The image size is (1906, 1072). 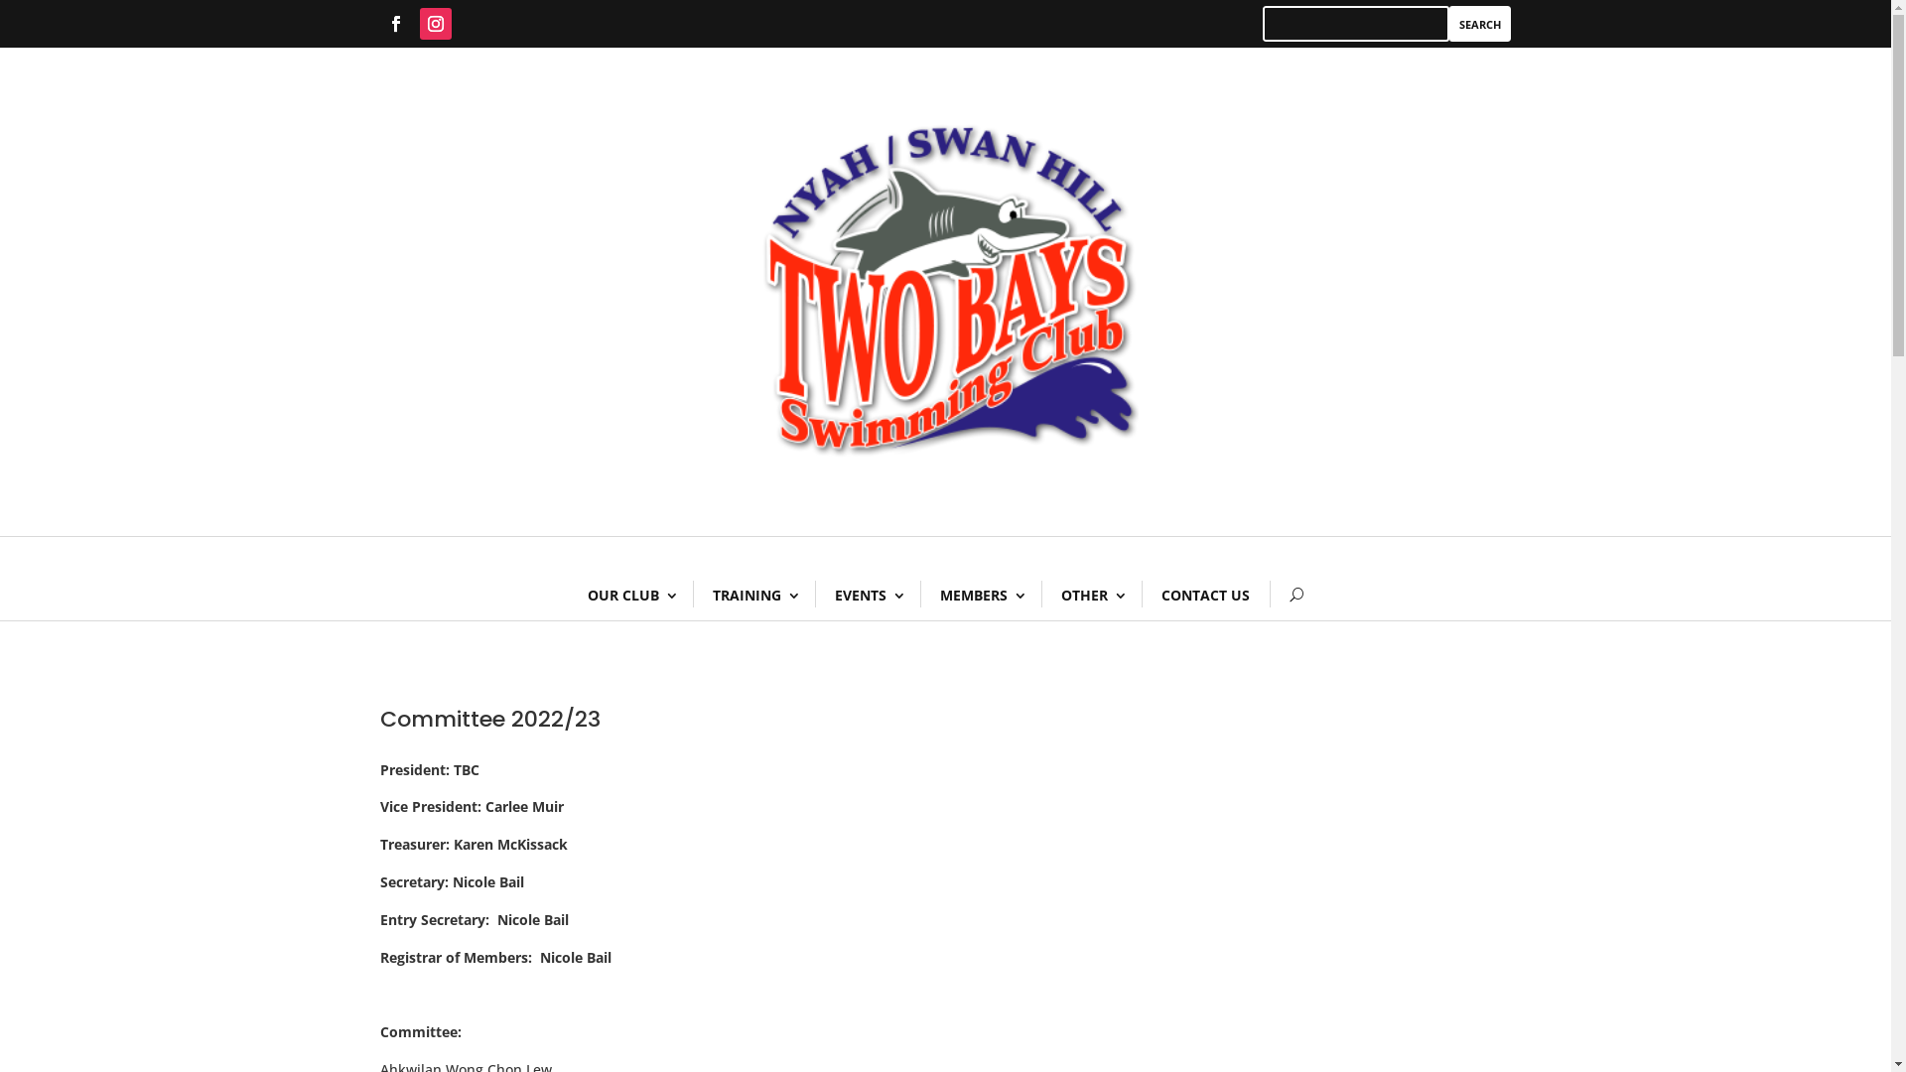 I want to click on 'Search', so click(x=1480, y=23).